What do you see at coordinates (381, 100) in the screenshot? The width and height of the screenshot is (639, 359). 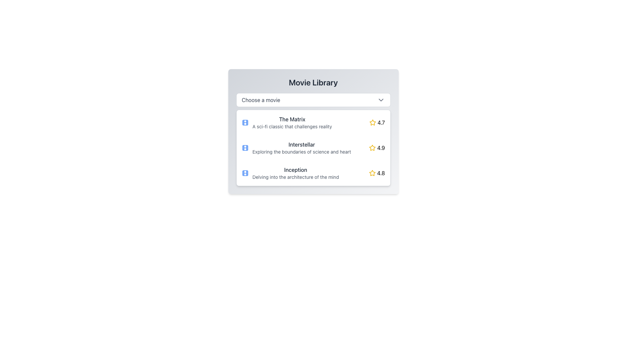 I see `the dropdown toggle icon located on the rightmost side of the 'Choose a movie' text input box` at bounding box center [381, 100].